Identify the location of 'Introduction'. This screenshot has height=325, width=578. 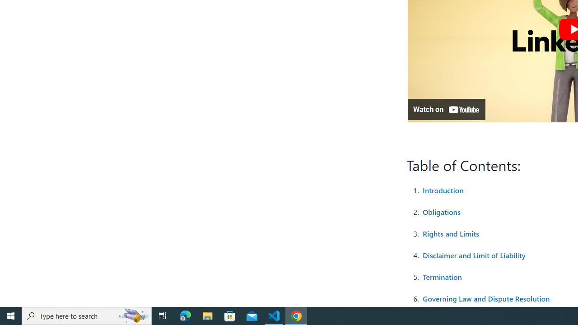
(443, 189).